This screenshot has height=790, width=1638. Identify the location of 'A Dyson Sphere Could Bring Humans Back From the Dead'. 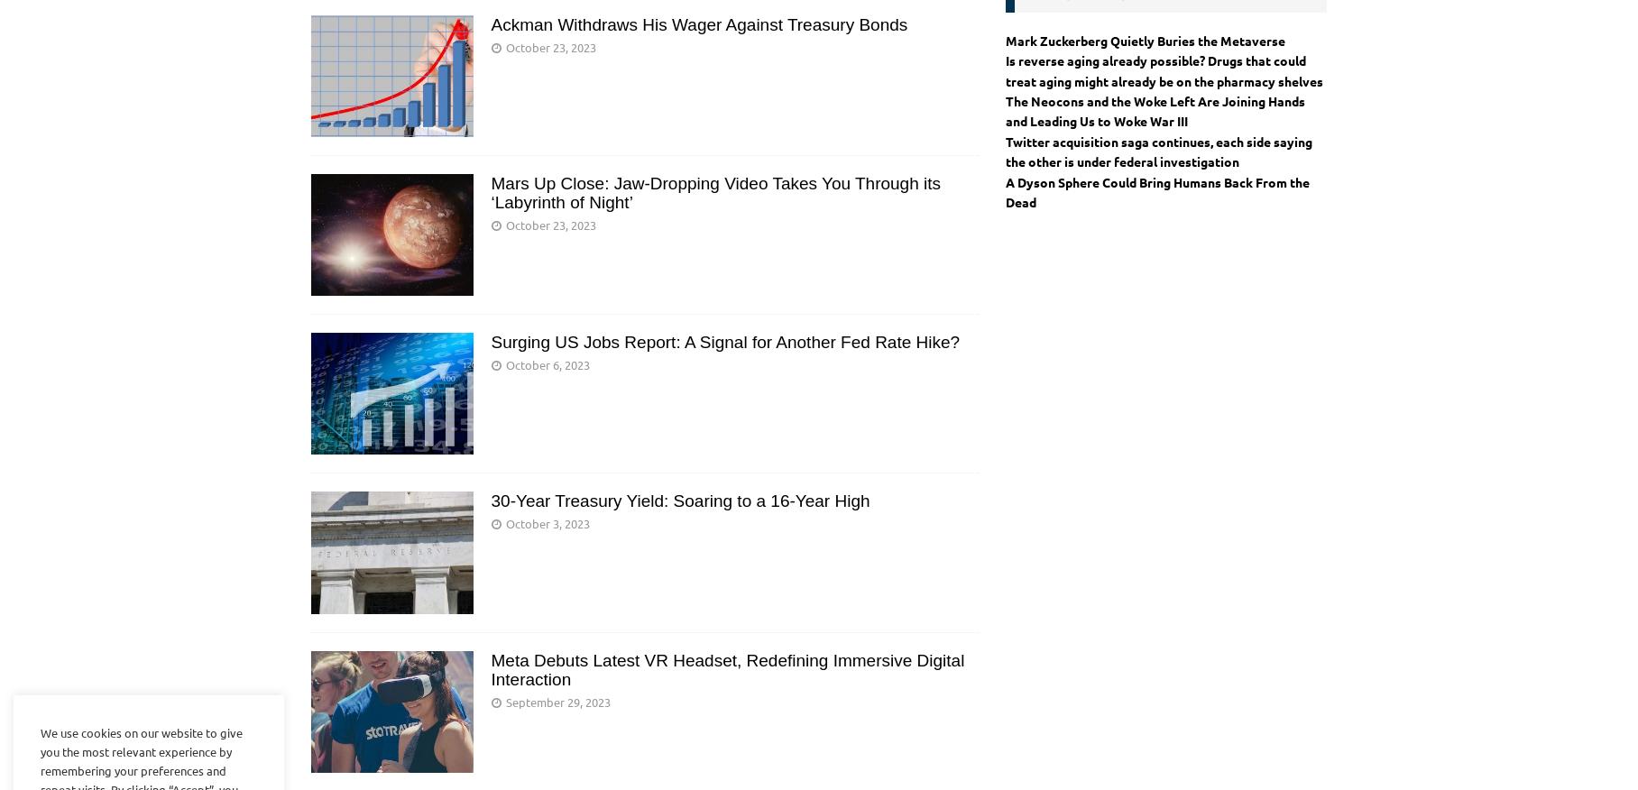
(1155, 190).